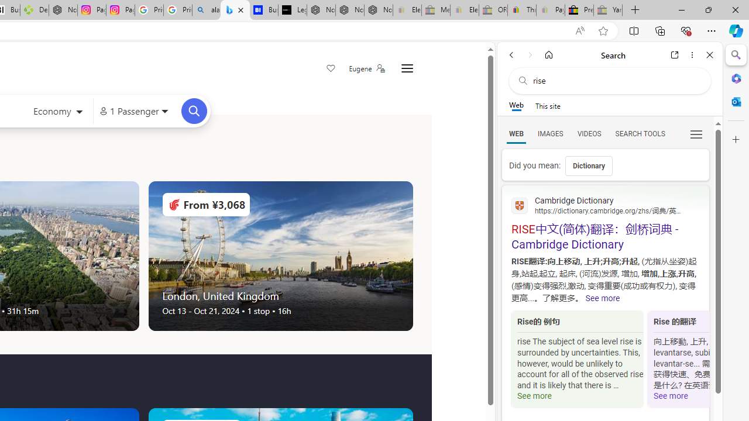 The image size is (749, 421). What do you see at coordinates (589, 166) in the screenshot?
I see `'Dictionary'` at bounding box center [589, 166].